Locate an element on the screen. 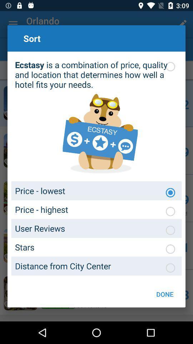 The width and height of the screenshot is (193, 344). sort by stars is located at coordinates (170, 249).